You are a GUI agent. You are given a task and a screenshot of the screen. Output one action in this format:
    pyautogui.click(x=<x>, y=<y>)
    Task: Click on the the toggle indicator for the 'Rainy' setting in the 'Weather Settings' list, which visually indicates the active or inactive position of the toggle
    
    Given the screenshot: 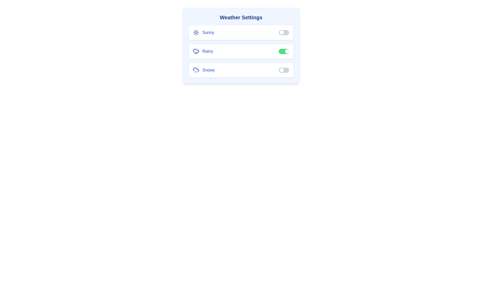 What is the action you would take?
    pyautogui.click(x=287, y=51)
    